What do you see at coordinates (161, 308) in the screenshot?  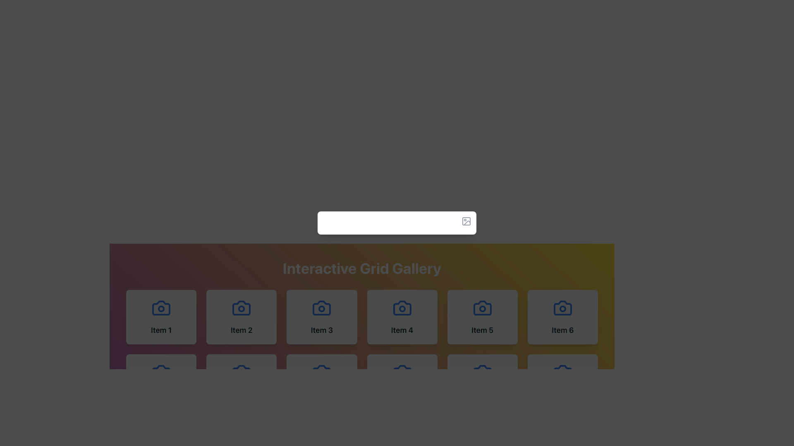 I see `the camera icon located in the top-left card titled 'Item 1', centered above the text 'Item 1'` at bounding box center [161, 308].